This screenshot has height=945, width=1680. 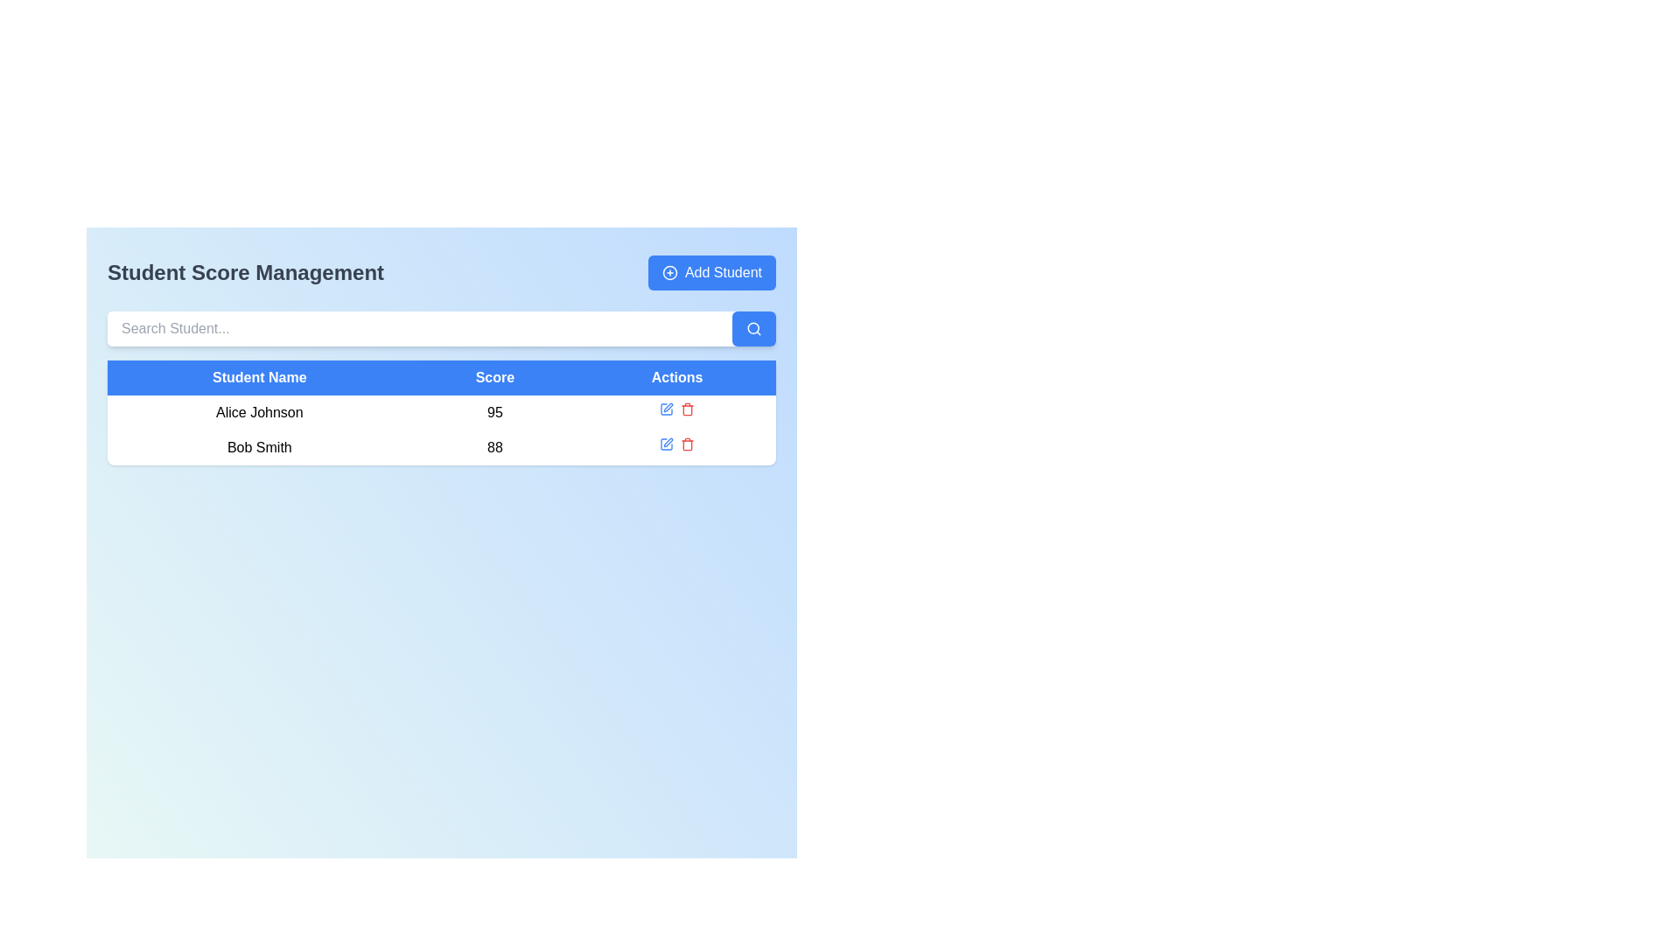 I want to click on the 'Add Student' button located at the top right of the 'Student Score Management' section, so click(x=711, y=273).